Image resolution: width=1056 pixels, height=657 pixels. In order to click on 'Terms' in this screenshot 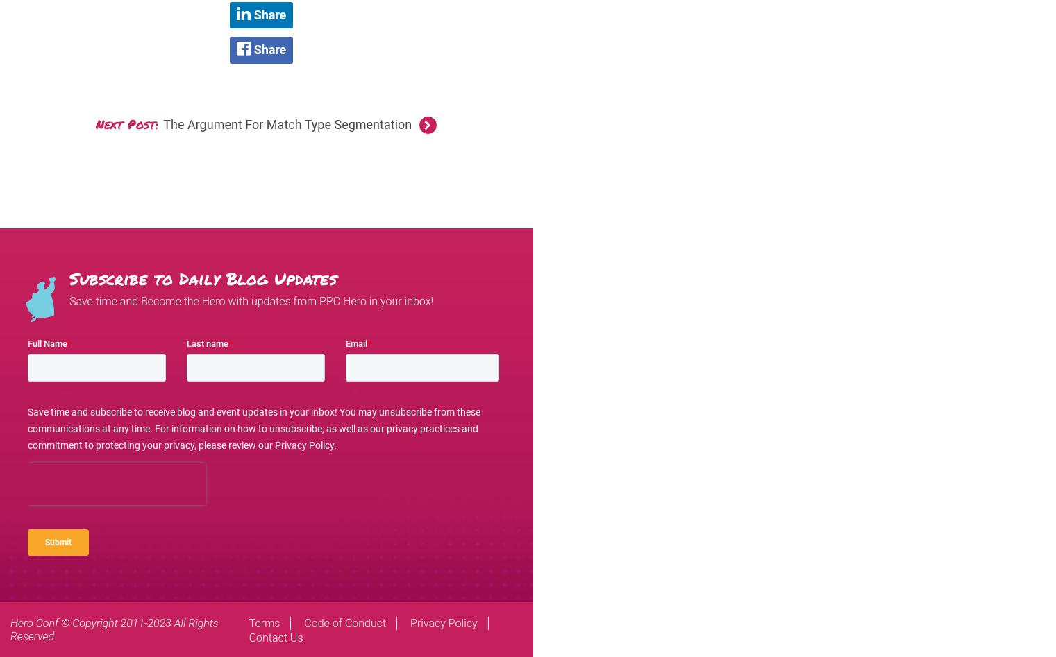, I will do `click(263, 622)`.